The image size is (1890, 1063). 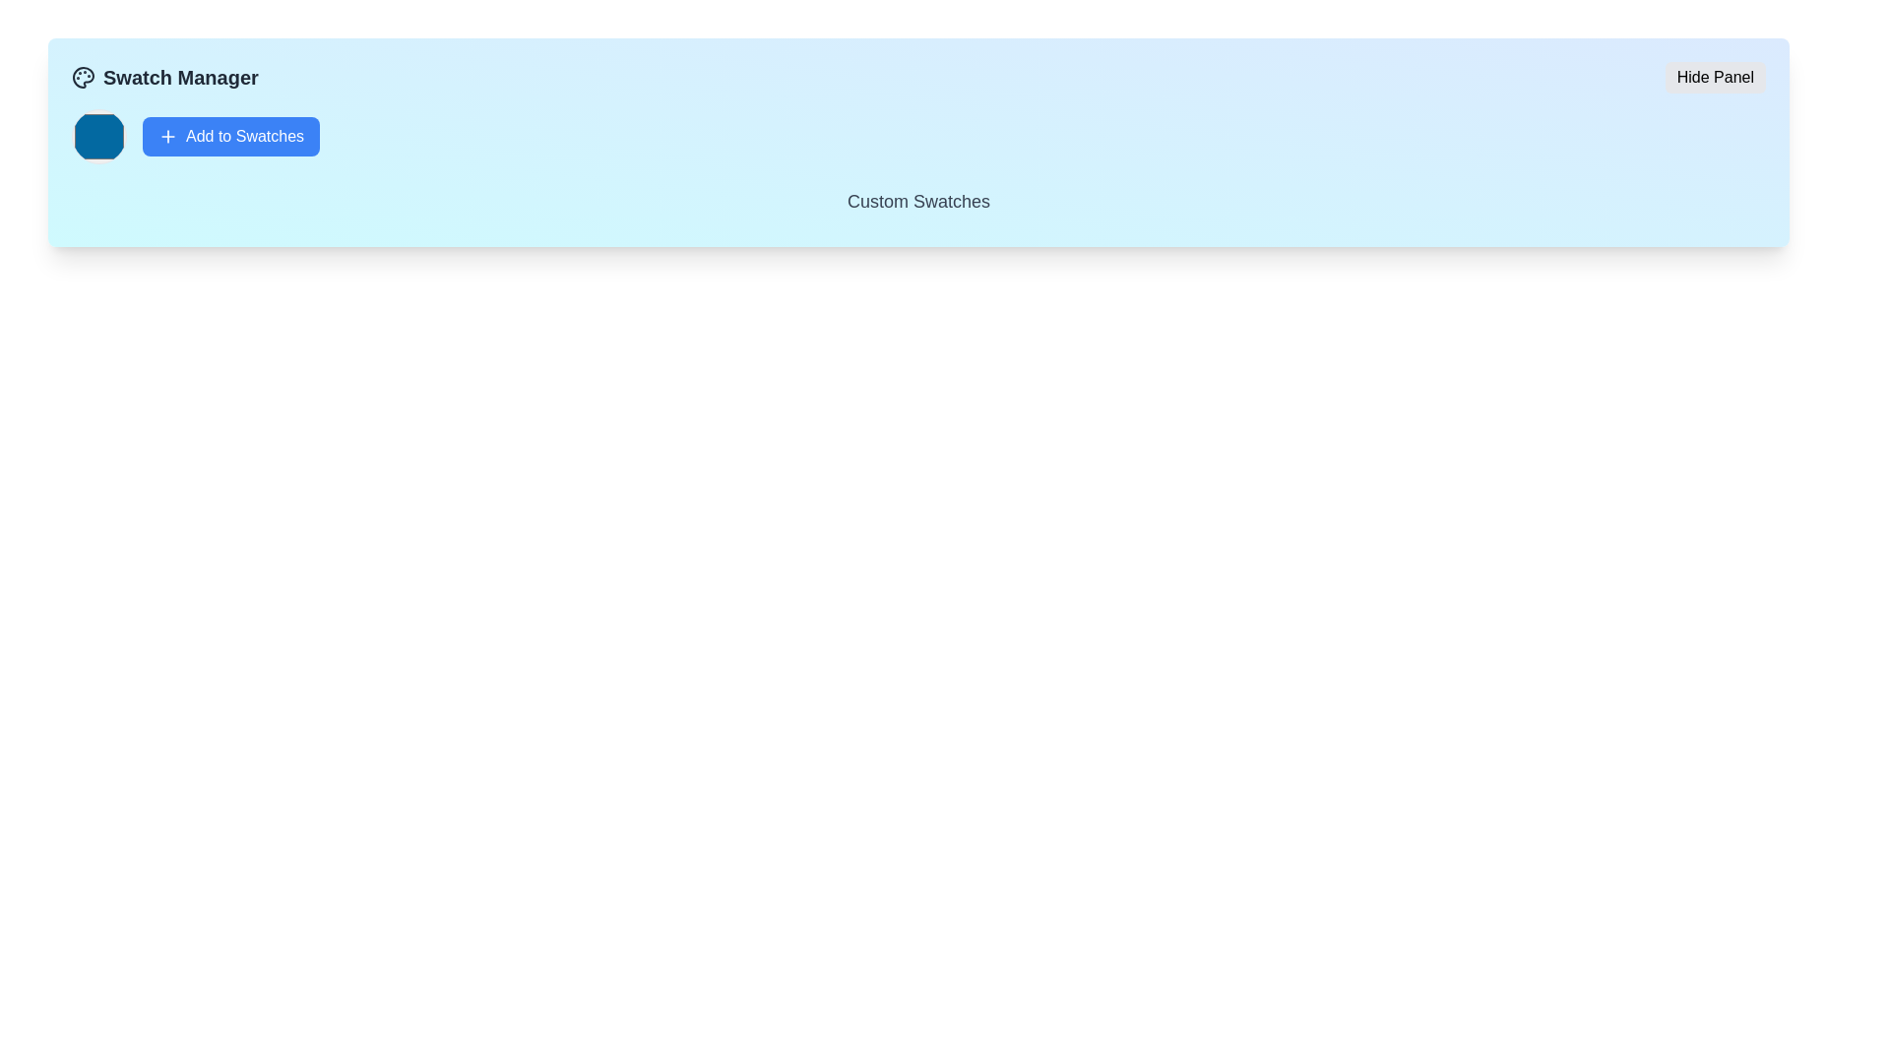 What do you see at coordinates (97, 135) in the screenshot?
I see `the blue circular color swatch with a diameter of 14 units` at bounding box center [97, 135].